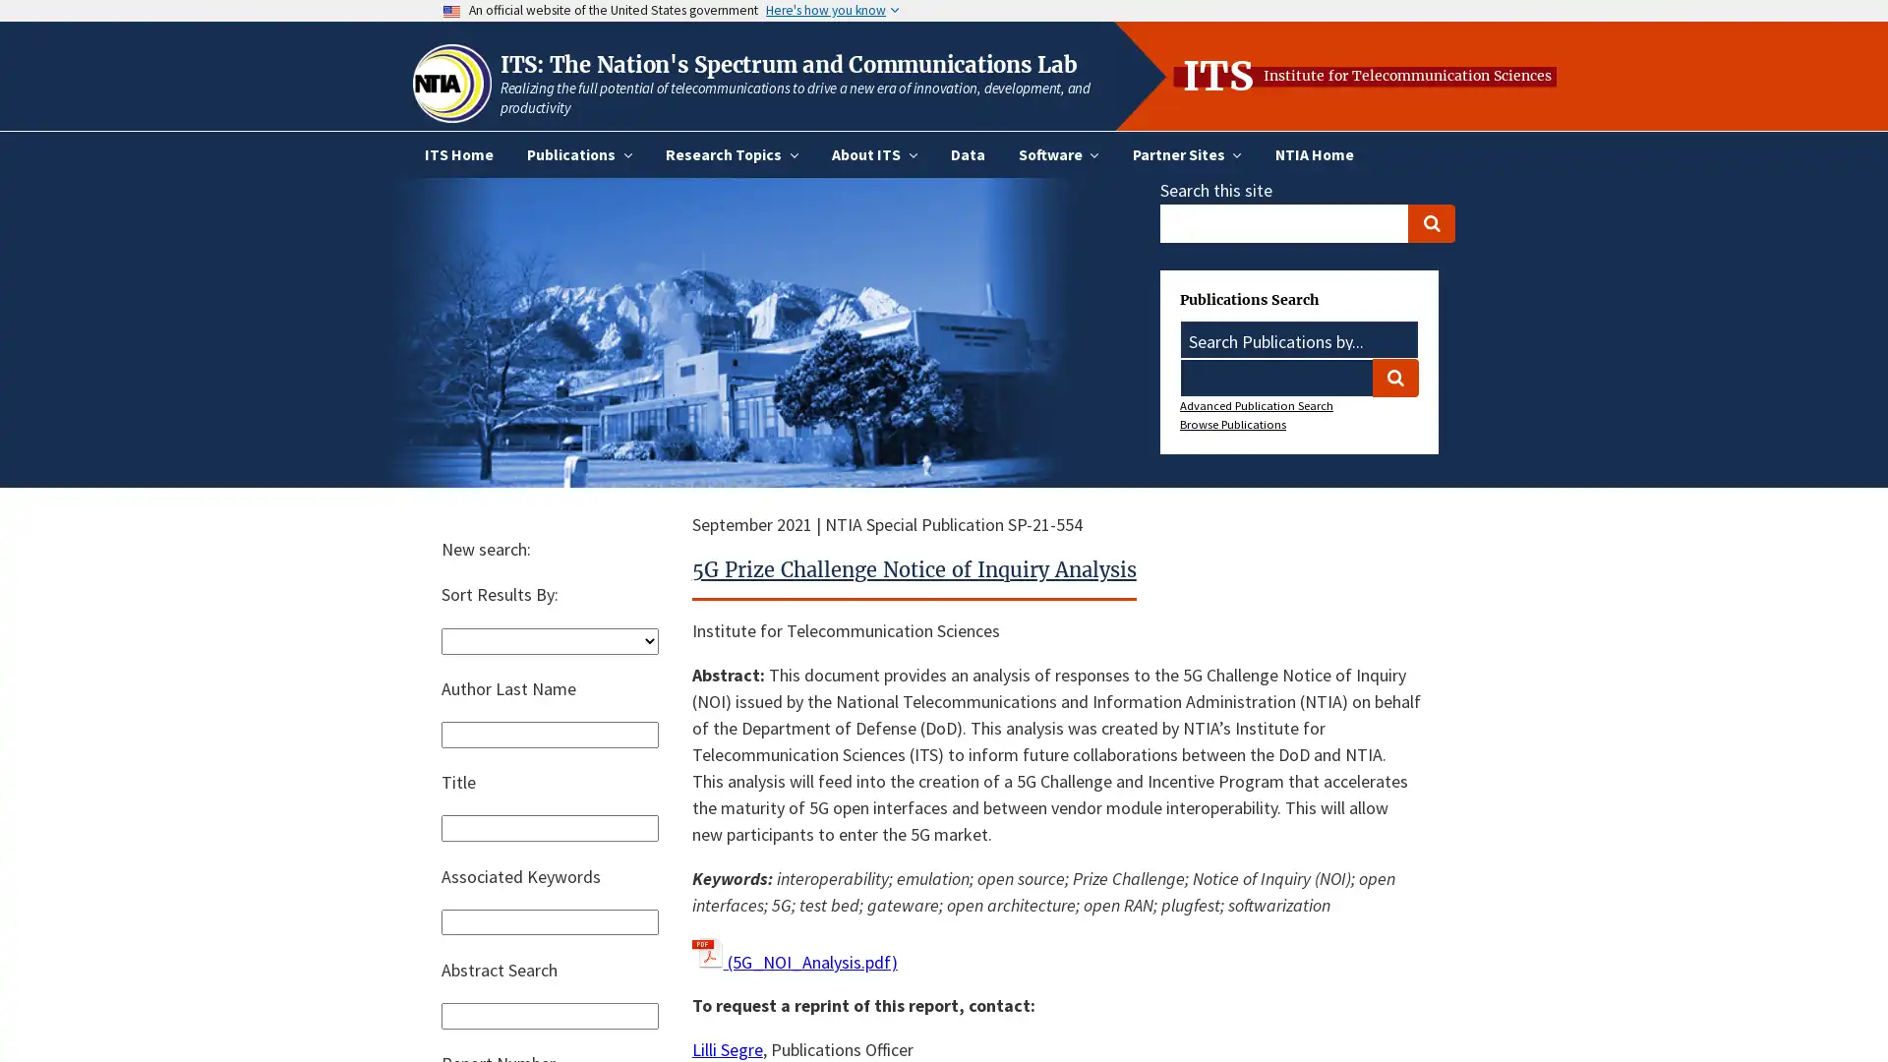 The image size is (1888, 1062). Describe the element at coordinates (1394, 378) in the screenshot. I see `Search` at that location.